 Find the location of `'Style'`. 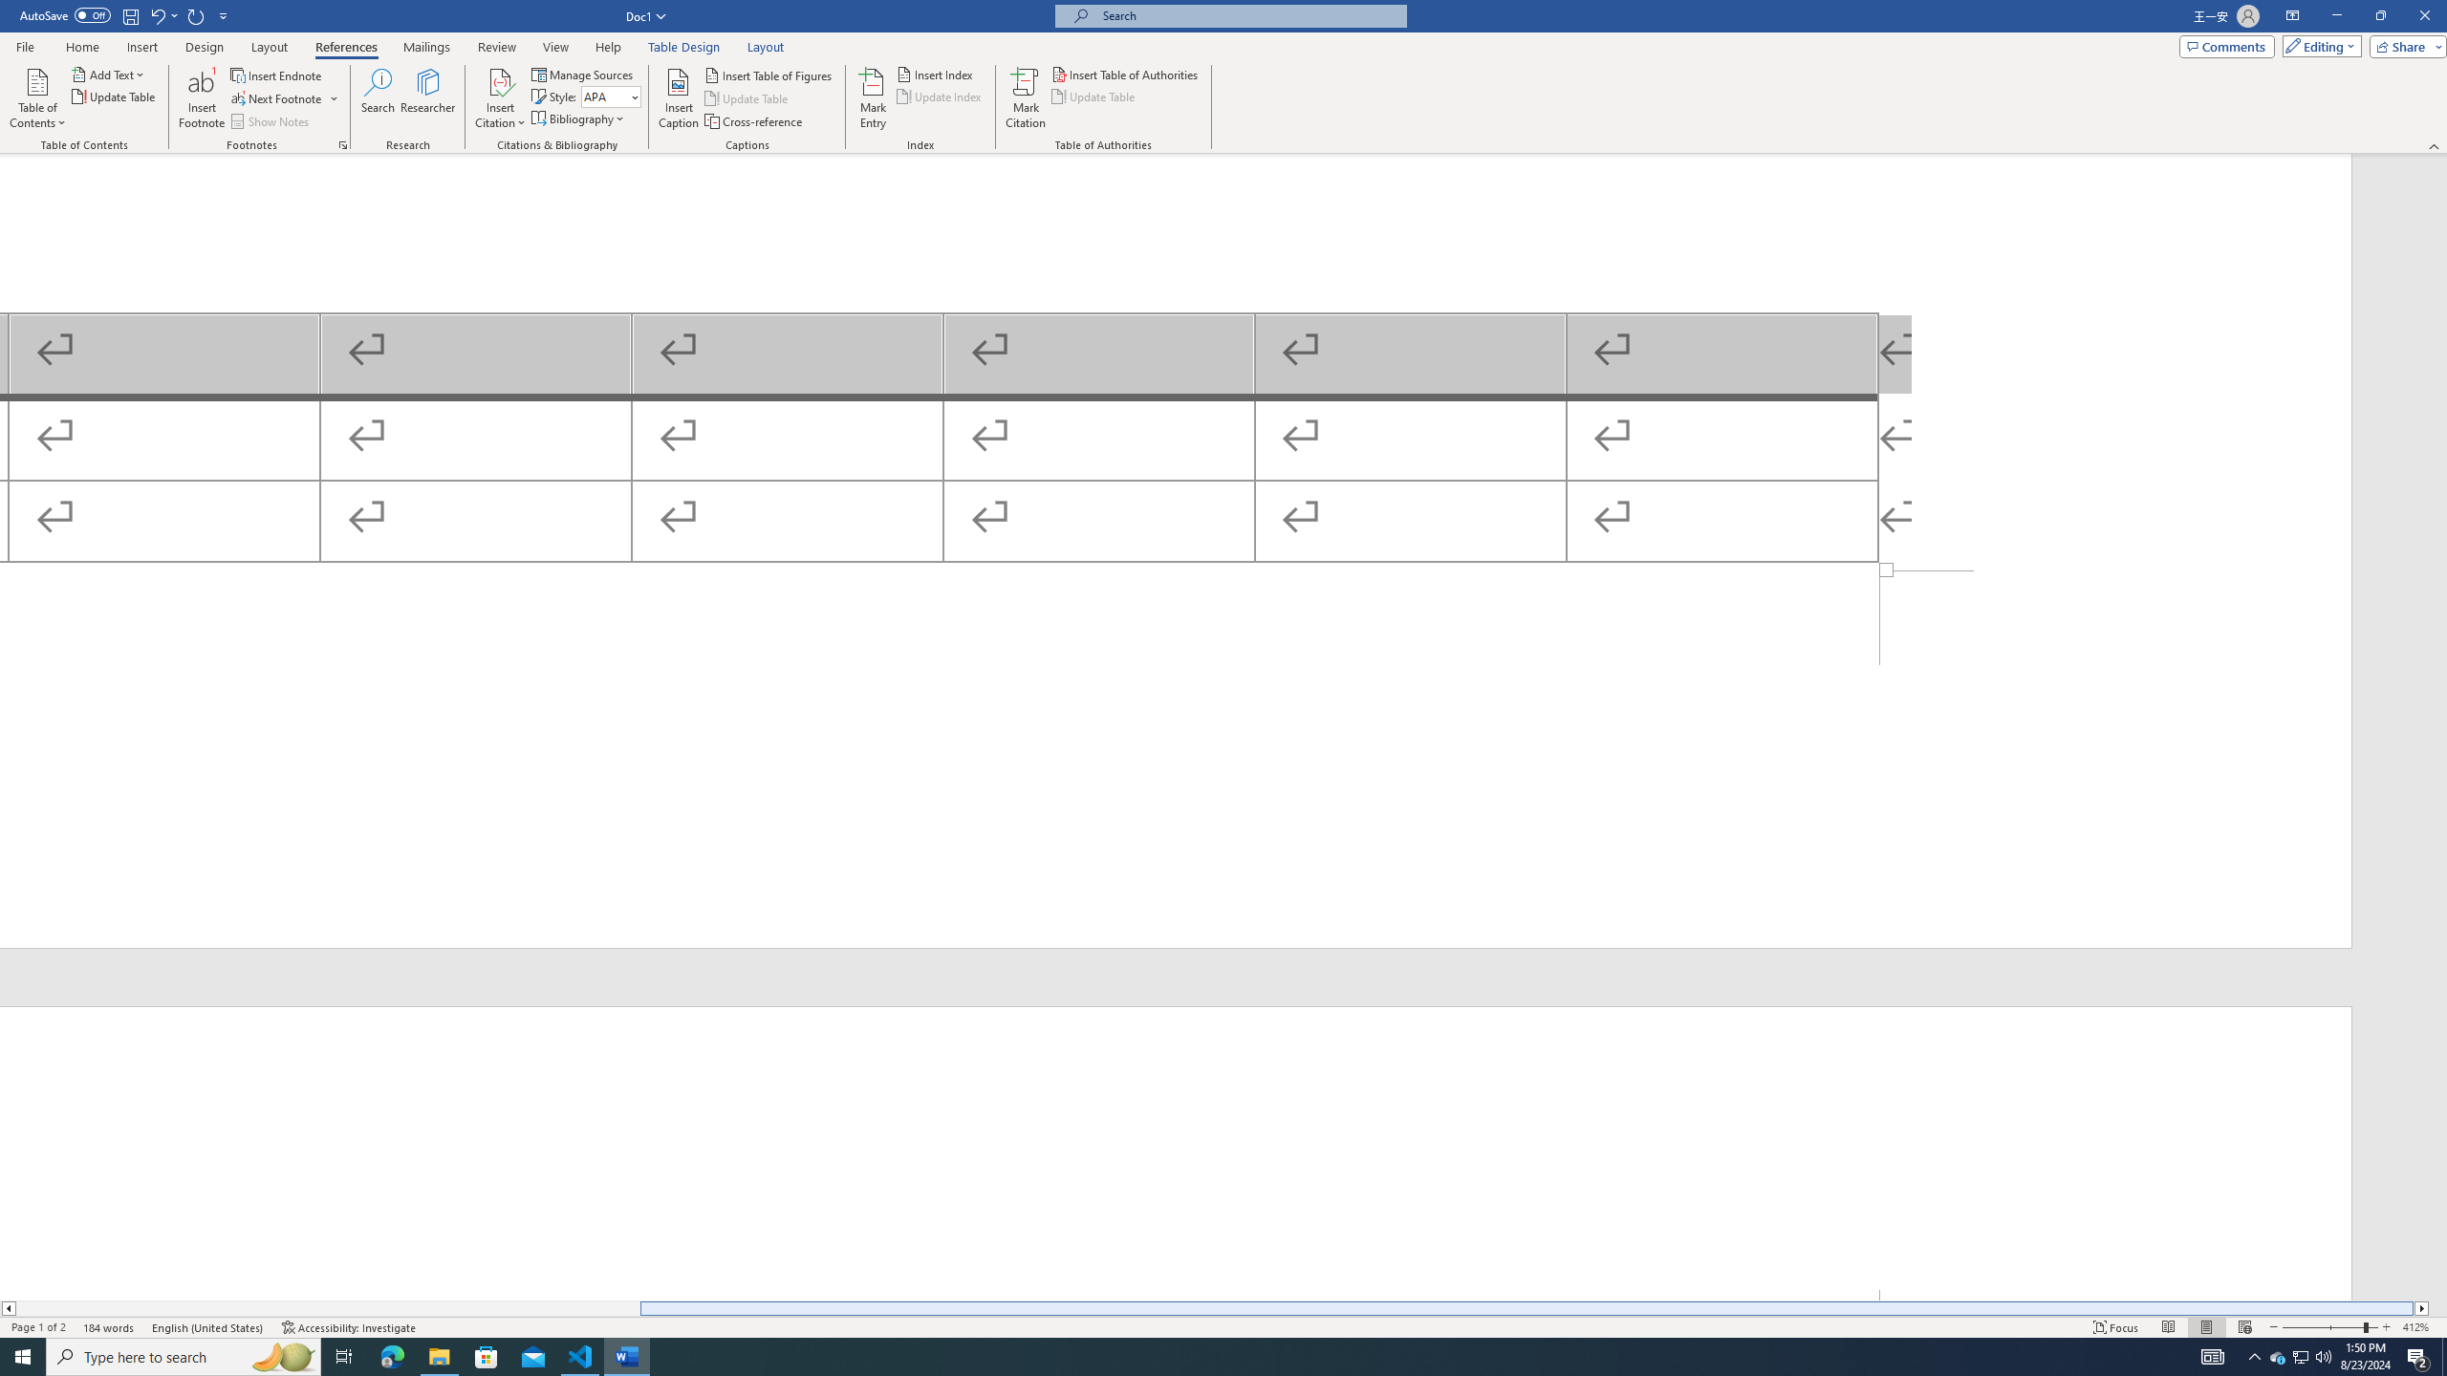

'Style' is located at coordinates (604, 96).